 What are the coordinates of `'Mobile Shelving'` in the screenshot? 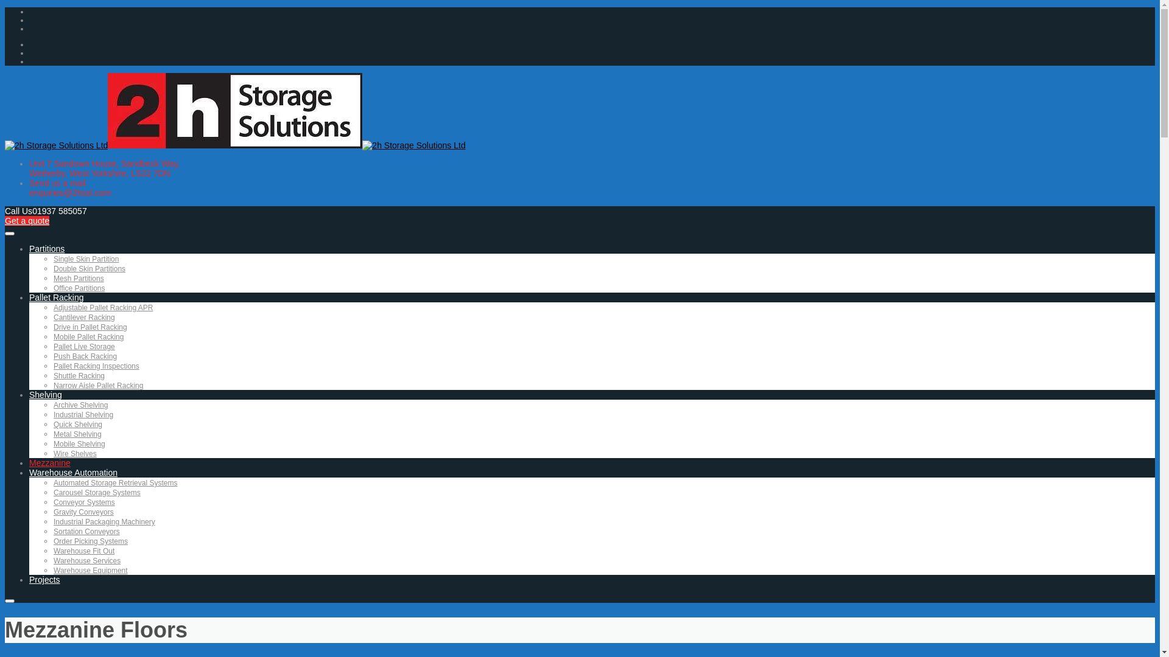 It's located at (79, 443).